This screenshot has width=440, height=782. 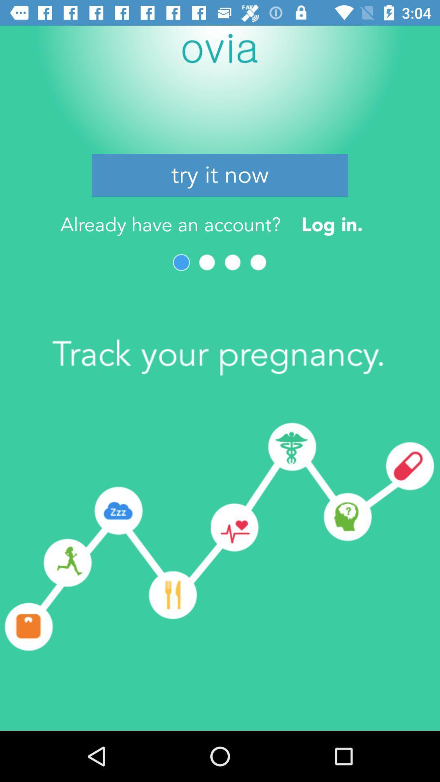 I want to click on the try it now icon, so click(x=220, y=175).